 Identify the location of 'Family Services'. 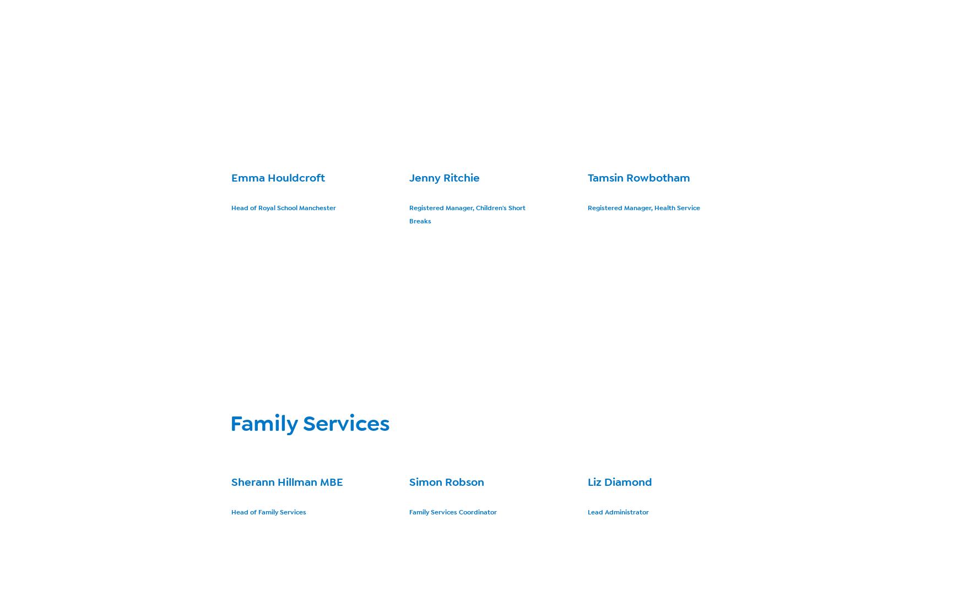
(308, 423).